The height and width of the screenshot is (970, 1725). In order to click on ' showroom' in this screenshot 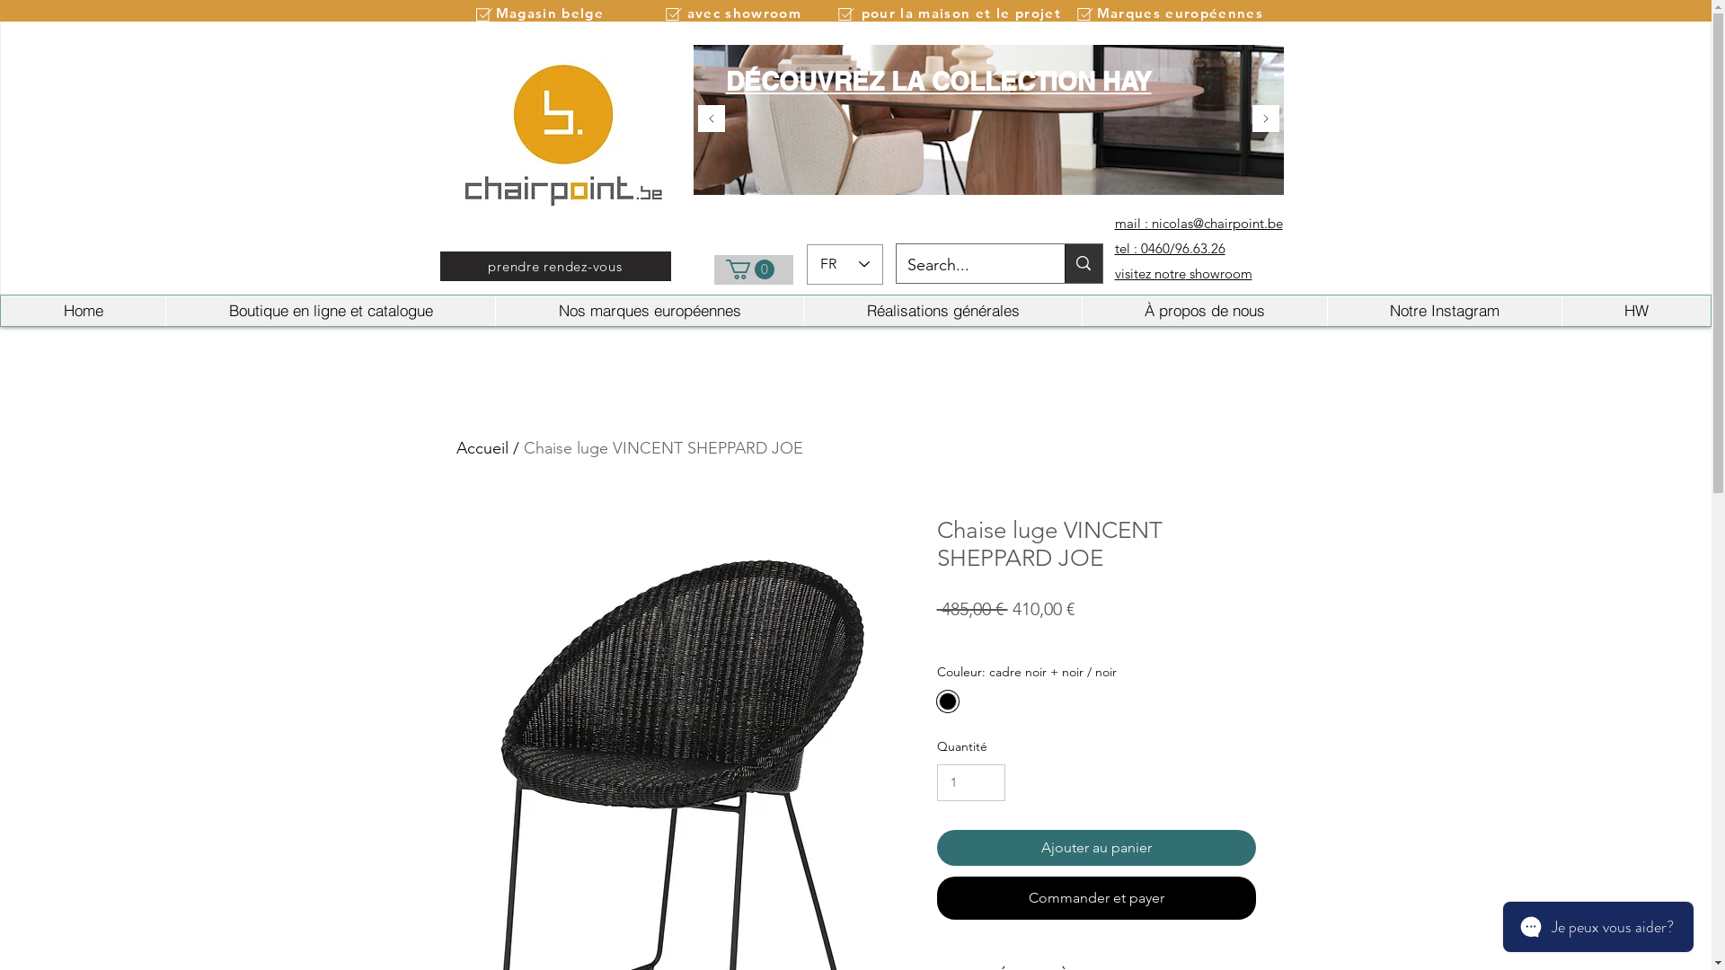, I will do `click(1219, 273)`.